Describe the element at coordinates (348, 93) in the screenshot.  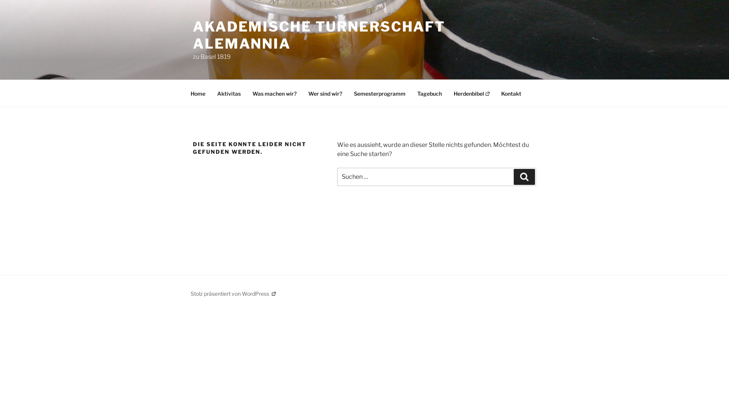
I see `'Semesterprogramm'` at that location.